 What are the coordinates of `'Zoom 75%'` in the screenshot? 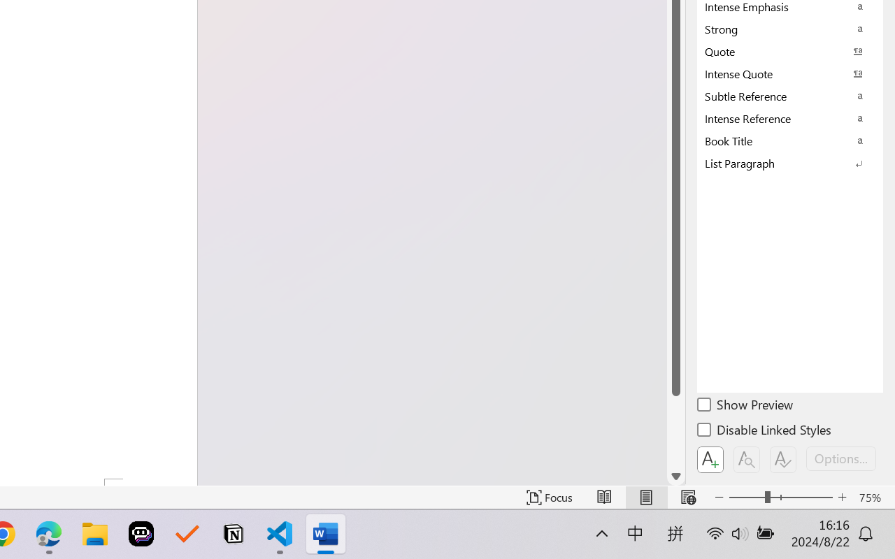 It's located at (873, 497).